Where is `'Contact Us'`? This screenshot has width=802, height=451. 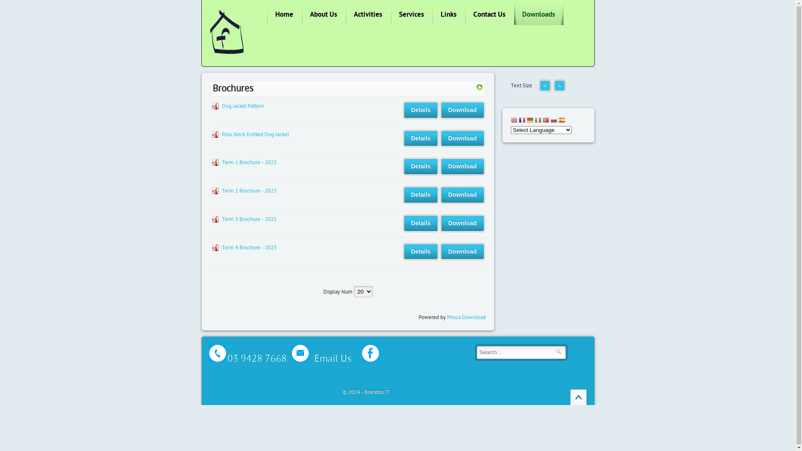
'Contact Us' is located at coordinates (489, 14).